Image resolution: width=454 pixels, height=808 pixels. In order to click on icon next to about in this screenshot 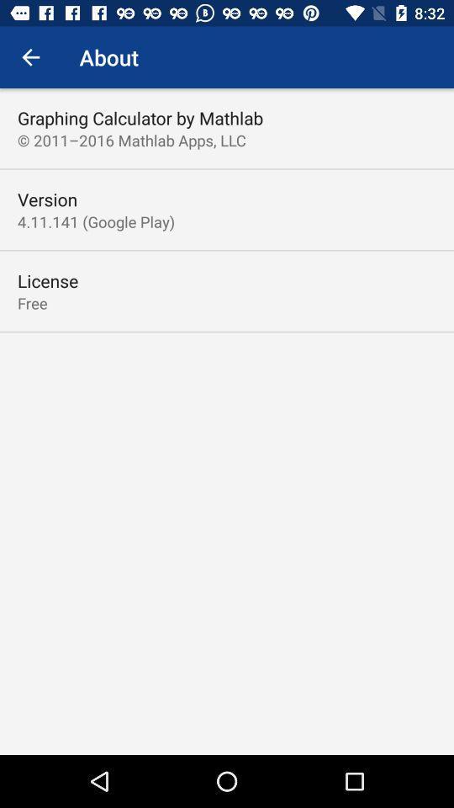, I will do `click(30, 57)`.